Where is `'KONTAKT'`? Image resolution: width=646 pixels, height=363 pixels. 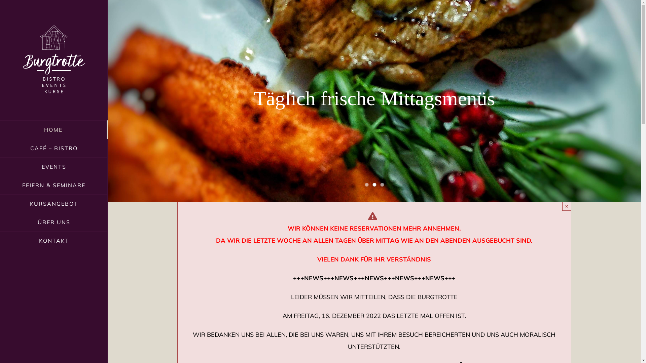
'KONTAKT' is located at coordinates (53, 240).